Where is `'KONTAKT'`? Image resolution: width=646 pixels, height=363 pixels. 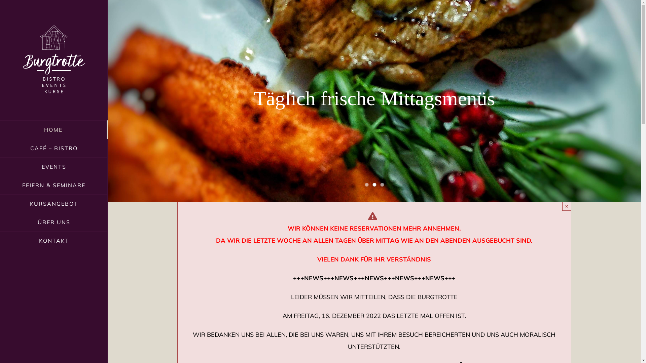
'KONTAKT' is located at coordinates (53, 240).